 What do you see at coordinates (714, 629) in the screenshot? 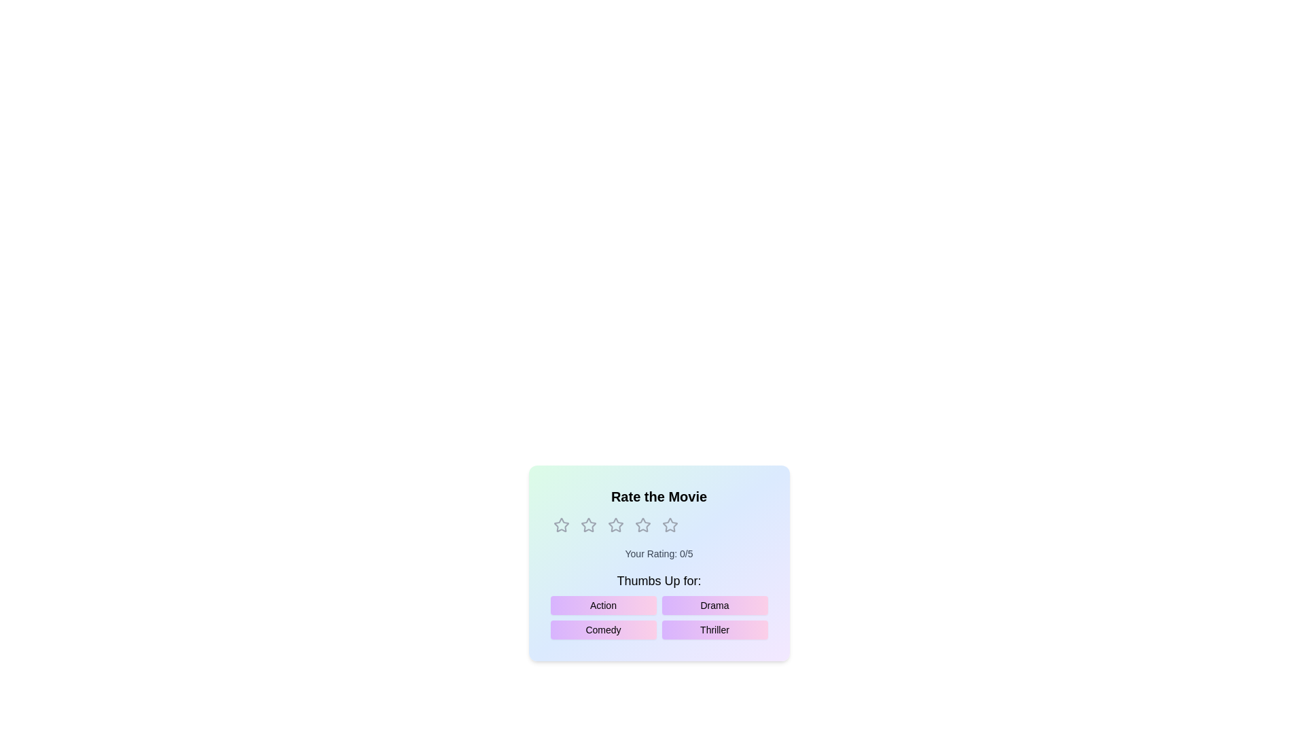
I see `the Thriller button` at bounding box center [714, 629].